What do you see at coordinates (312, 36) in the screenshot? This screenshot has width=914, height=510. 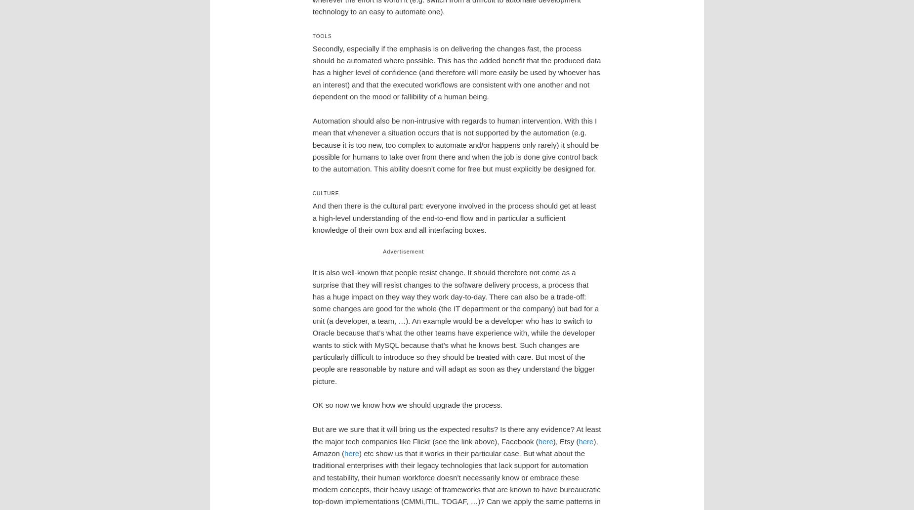 I see `'Tools'` at bounding box center [312, 36].